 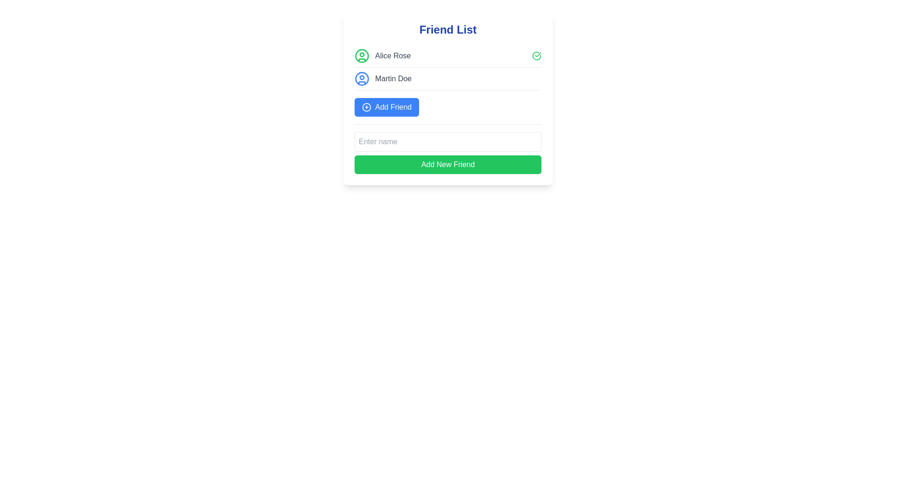 What do you see at coordinates (387, 107) in the screenshot?
I see `the 'Add Friend' button, which has a rounded shape, a blue background, and white text, located below 'Martin Doe' in the user list section` at bounding box center [387, 107].